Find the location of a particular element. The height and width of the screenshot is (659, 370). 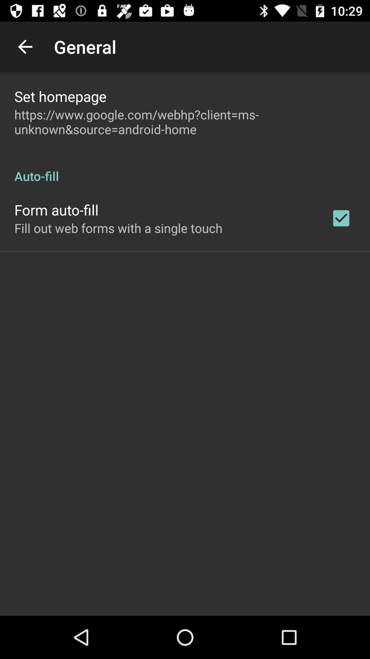

item above the https www google icon is located at coordinates (60, 96).